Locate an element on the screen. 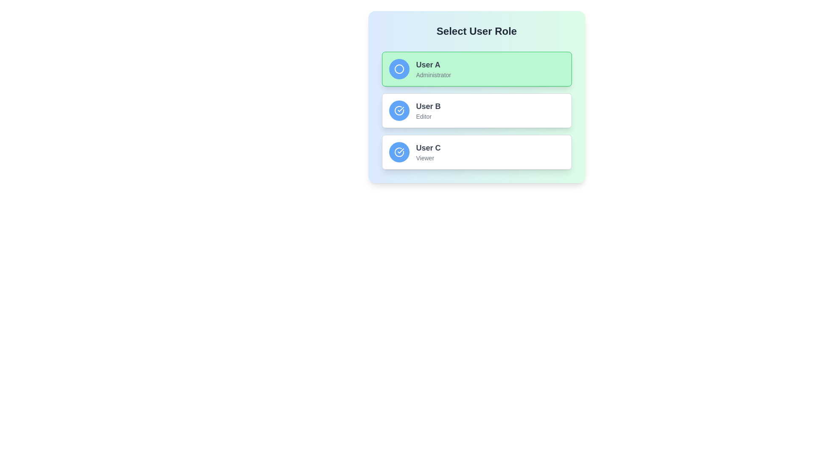 Image resolution: width=814 pixels, height=458 pixels. text label 'User B', which is styled with a bold font in a dark gray color and located in the middle of the user role selection panel above the description 'Editor' is located at coordinates (428, 106).